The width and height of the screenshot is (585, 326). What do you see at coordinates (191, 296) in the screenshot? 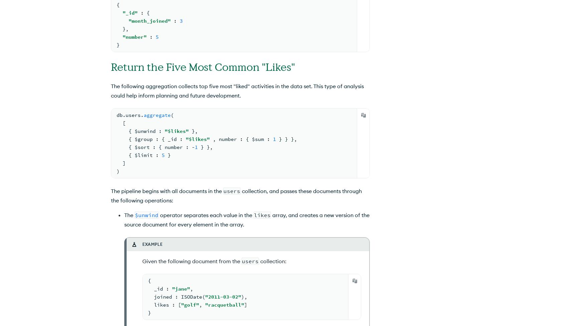
I see `'ISODate'` at bounding box center [191, 296].